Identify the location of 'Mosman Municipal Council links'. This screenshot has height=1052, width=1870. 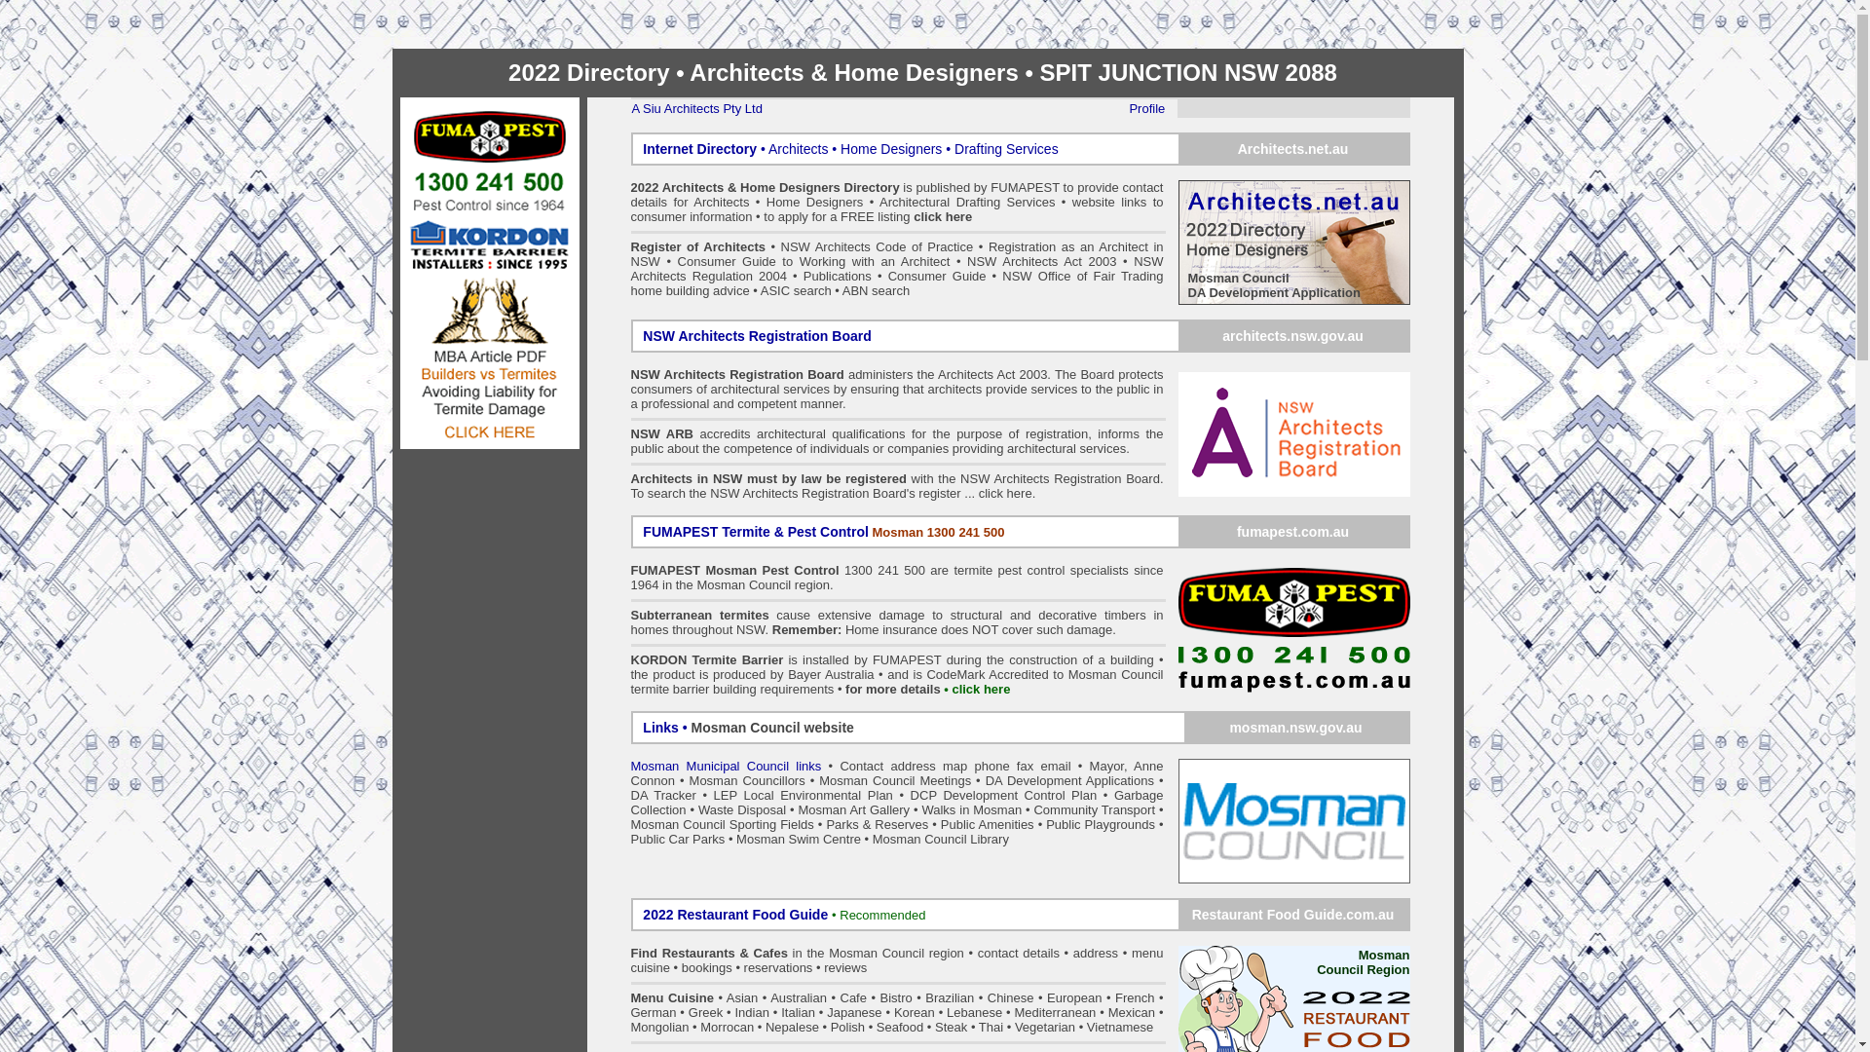
(631, 765).